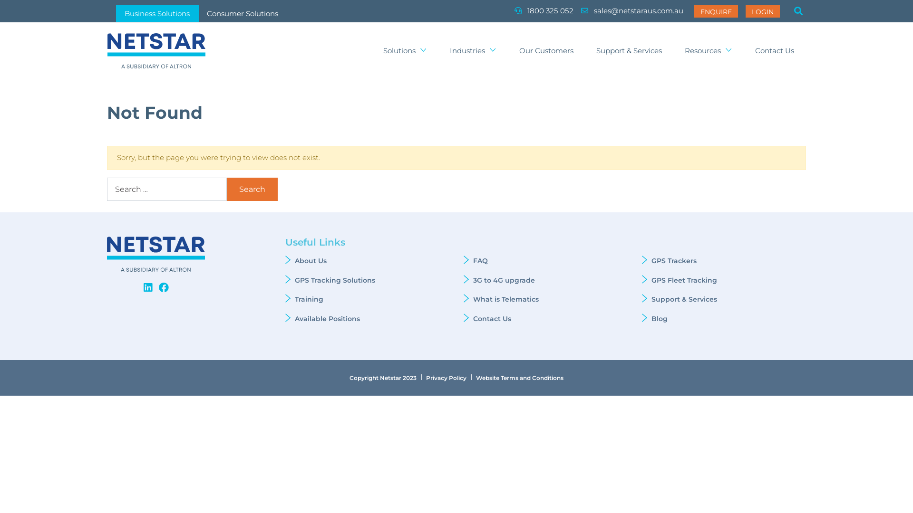 This screenshot has height=513, width=913. What do you see at coordinates (629, 51) in the screenshot?
I see `'Support & Services'` at bounding box center [629, 51].